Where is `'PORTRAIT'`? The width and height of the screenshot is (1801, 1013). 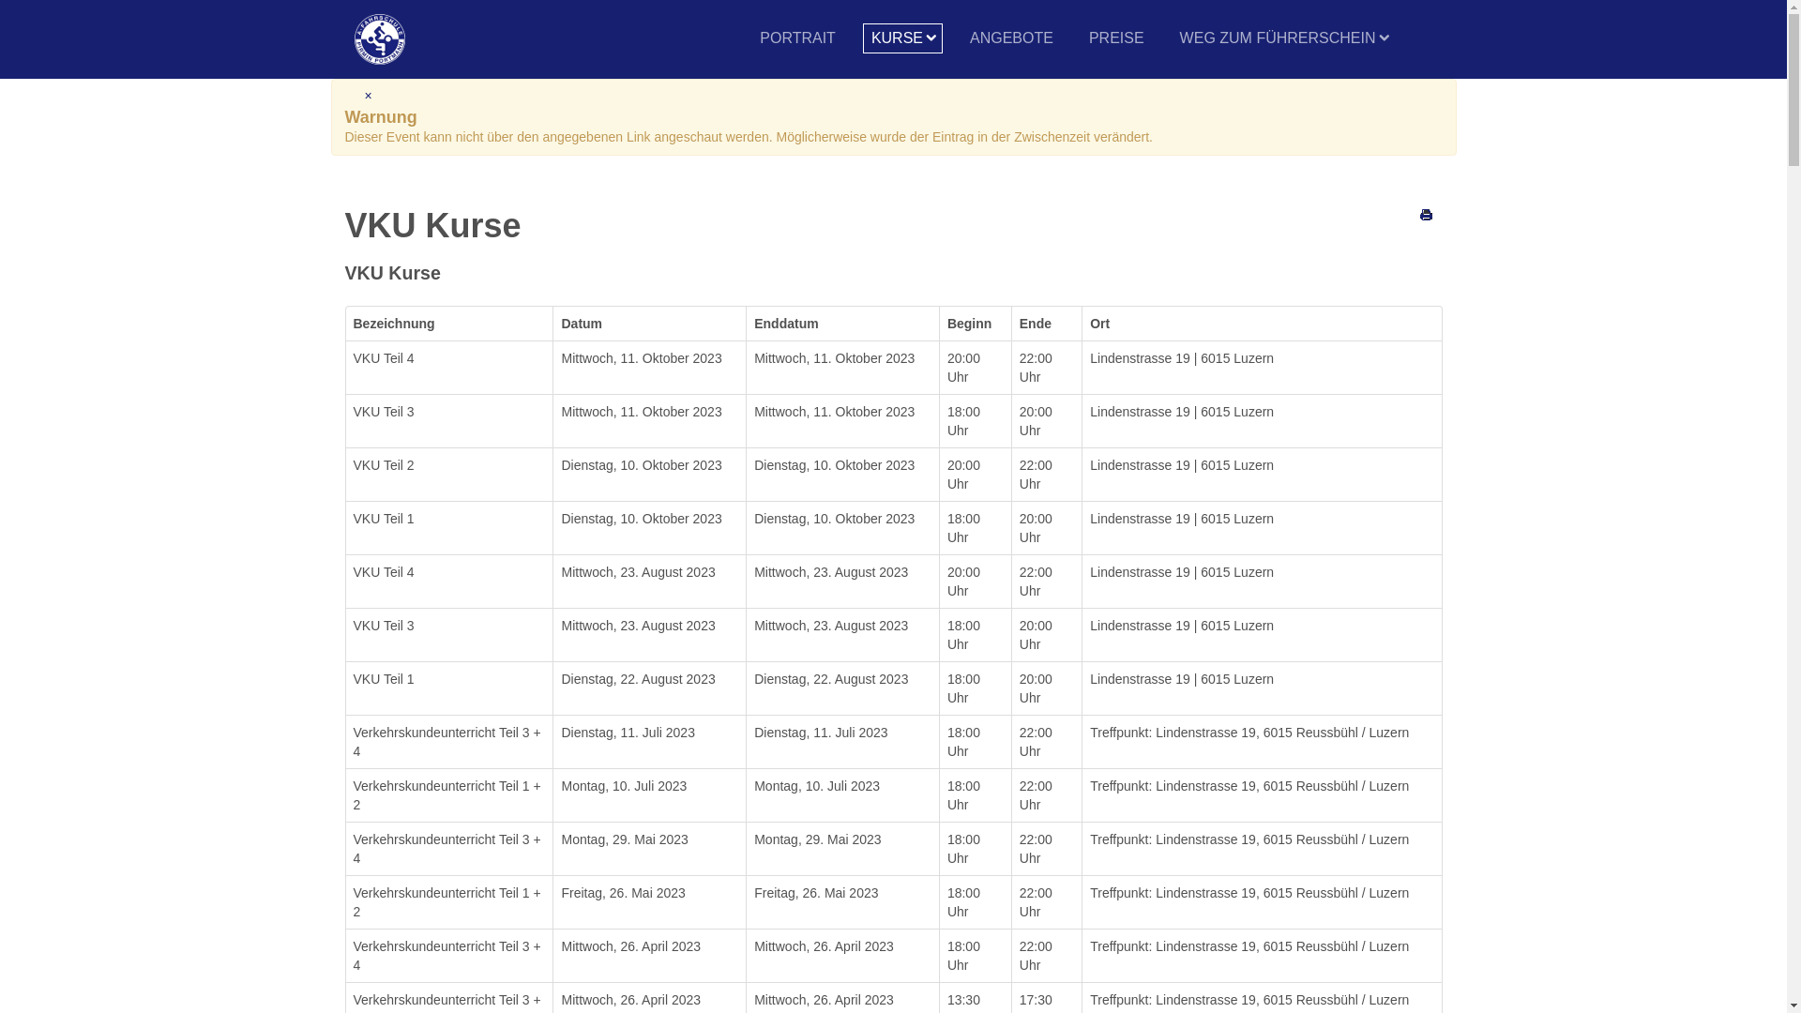
'PORTRAIT' is located at coordinates (751, 38).